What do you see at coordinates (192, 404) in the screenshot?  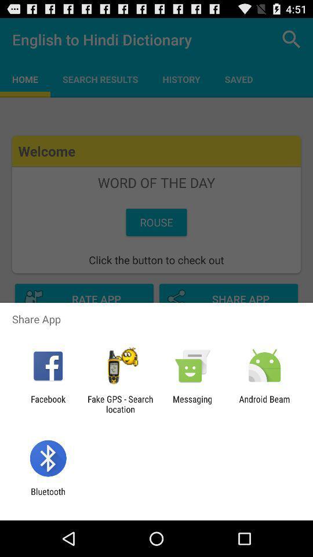 I see `the icon to the left of android beam app` at bounding box center [192, 404].